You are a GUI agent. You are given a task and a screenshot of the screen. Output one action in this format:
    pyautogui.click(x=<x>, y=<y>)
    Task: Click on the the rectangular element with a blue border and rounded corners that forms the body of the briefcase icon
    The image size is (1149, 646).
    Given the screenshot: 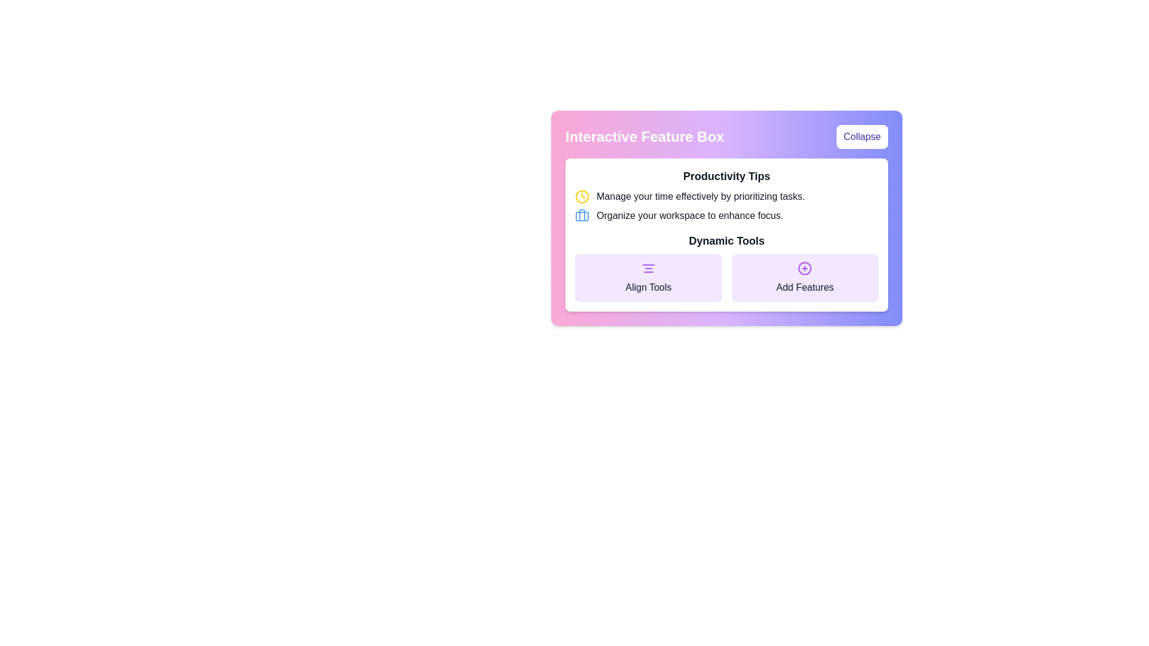 What is the action you would take?
    pyautogui.click(x=582, y=217)
    